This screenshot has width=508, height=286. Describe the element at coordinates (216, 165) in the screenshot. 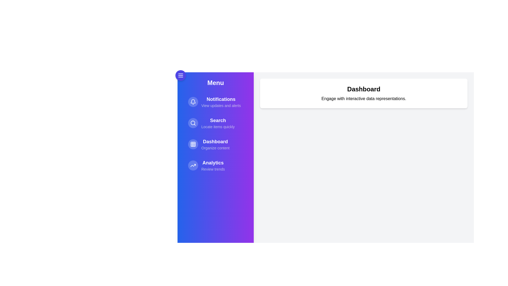

I see `the menu item Analytics to reveal its hover effect` at that location.